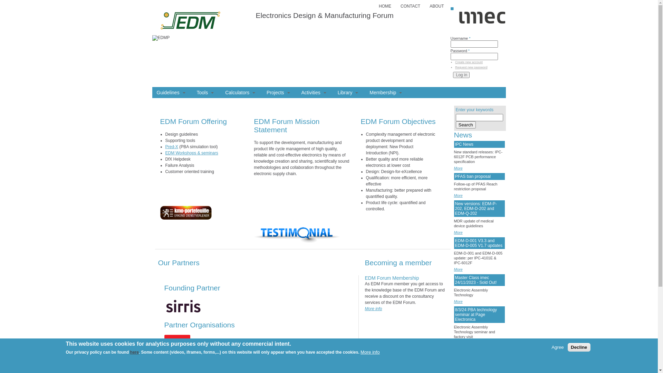  I want to click on 'Create new account', so click(469, 62).